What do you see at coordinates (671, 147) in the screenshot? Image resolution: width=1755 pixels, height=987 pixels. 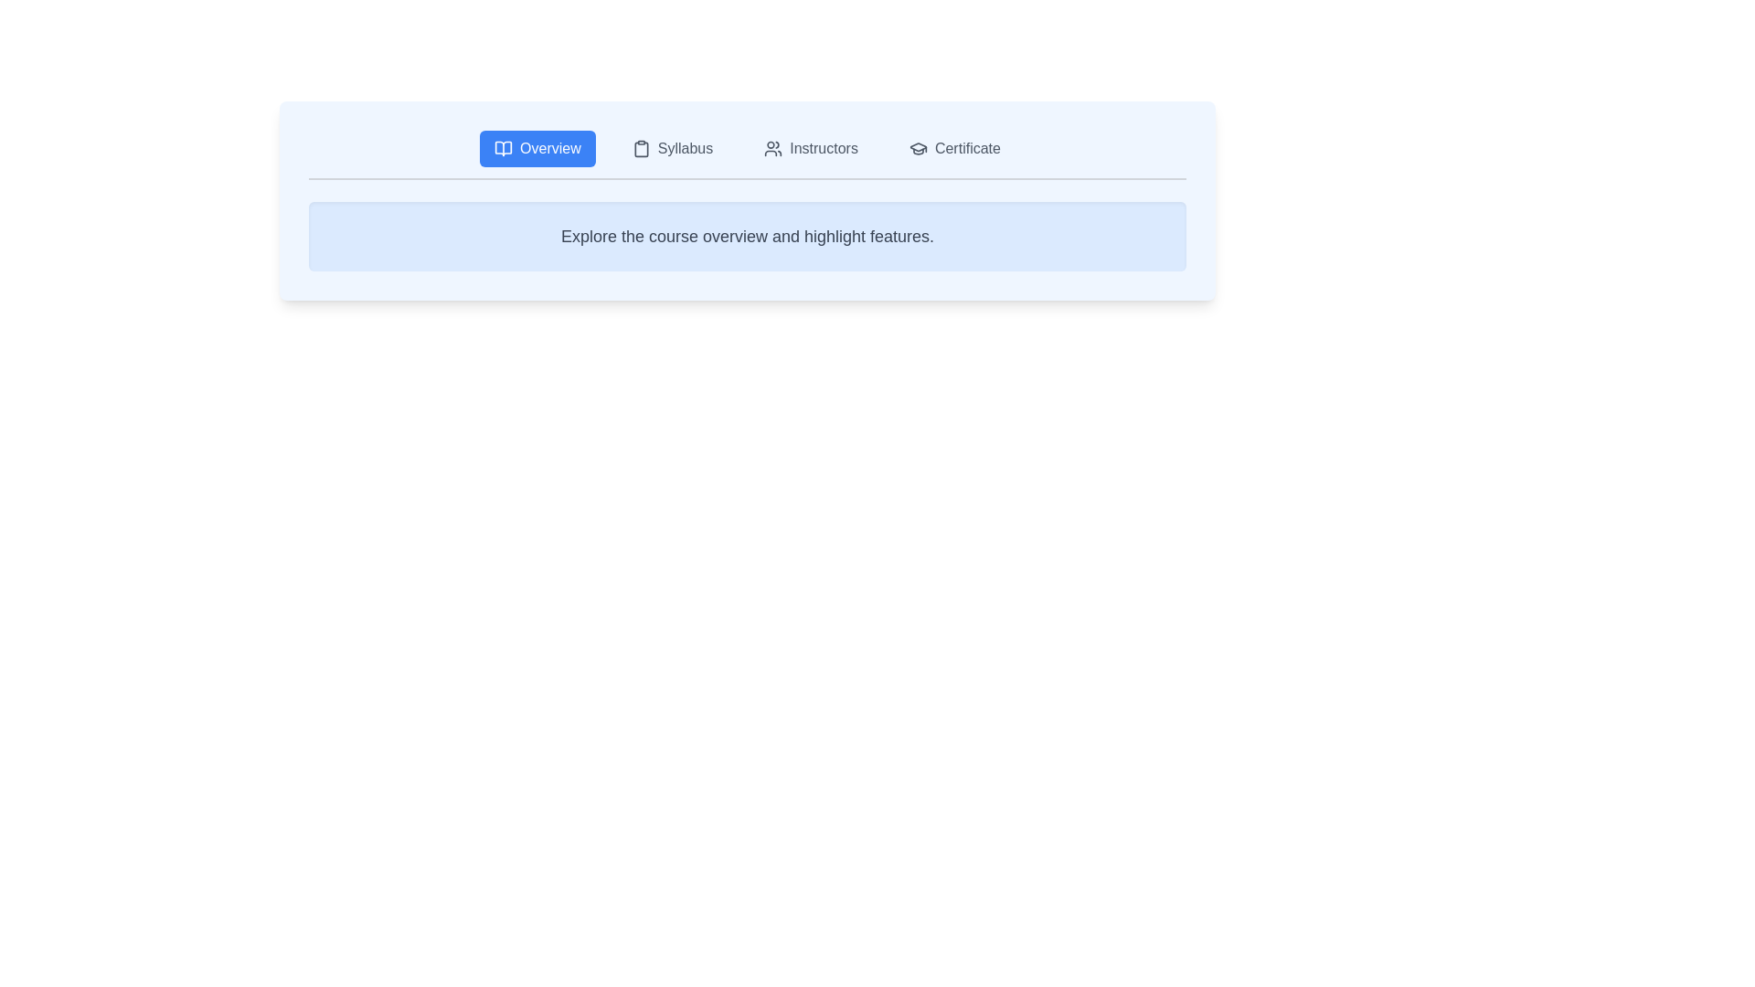 I see `the Syllabus tab by clicking on its button` at bounding box center [671, 147].